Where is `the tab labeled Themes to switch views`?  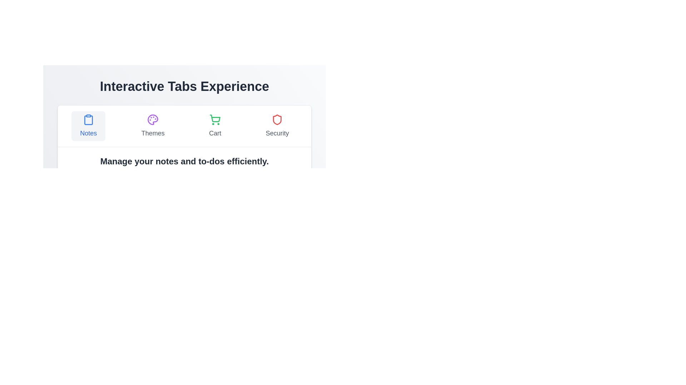 the tab labeled Themes to switch views is located at coordinates (153, 126).